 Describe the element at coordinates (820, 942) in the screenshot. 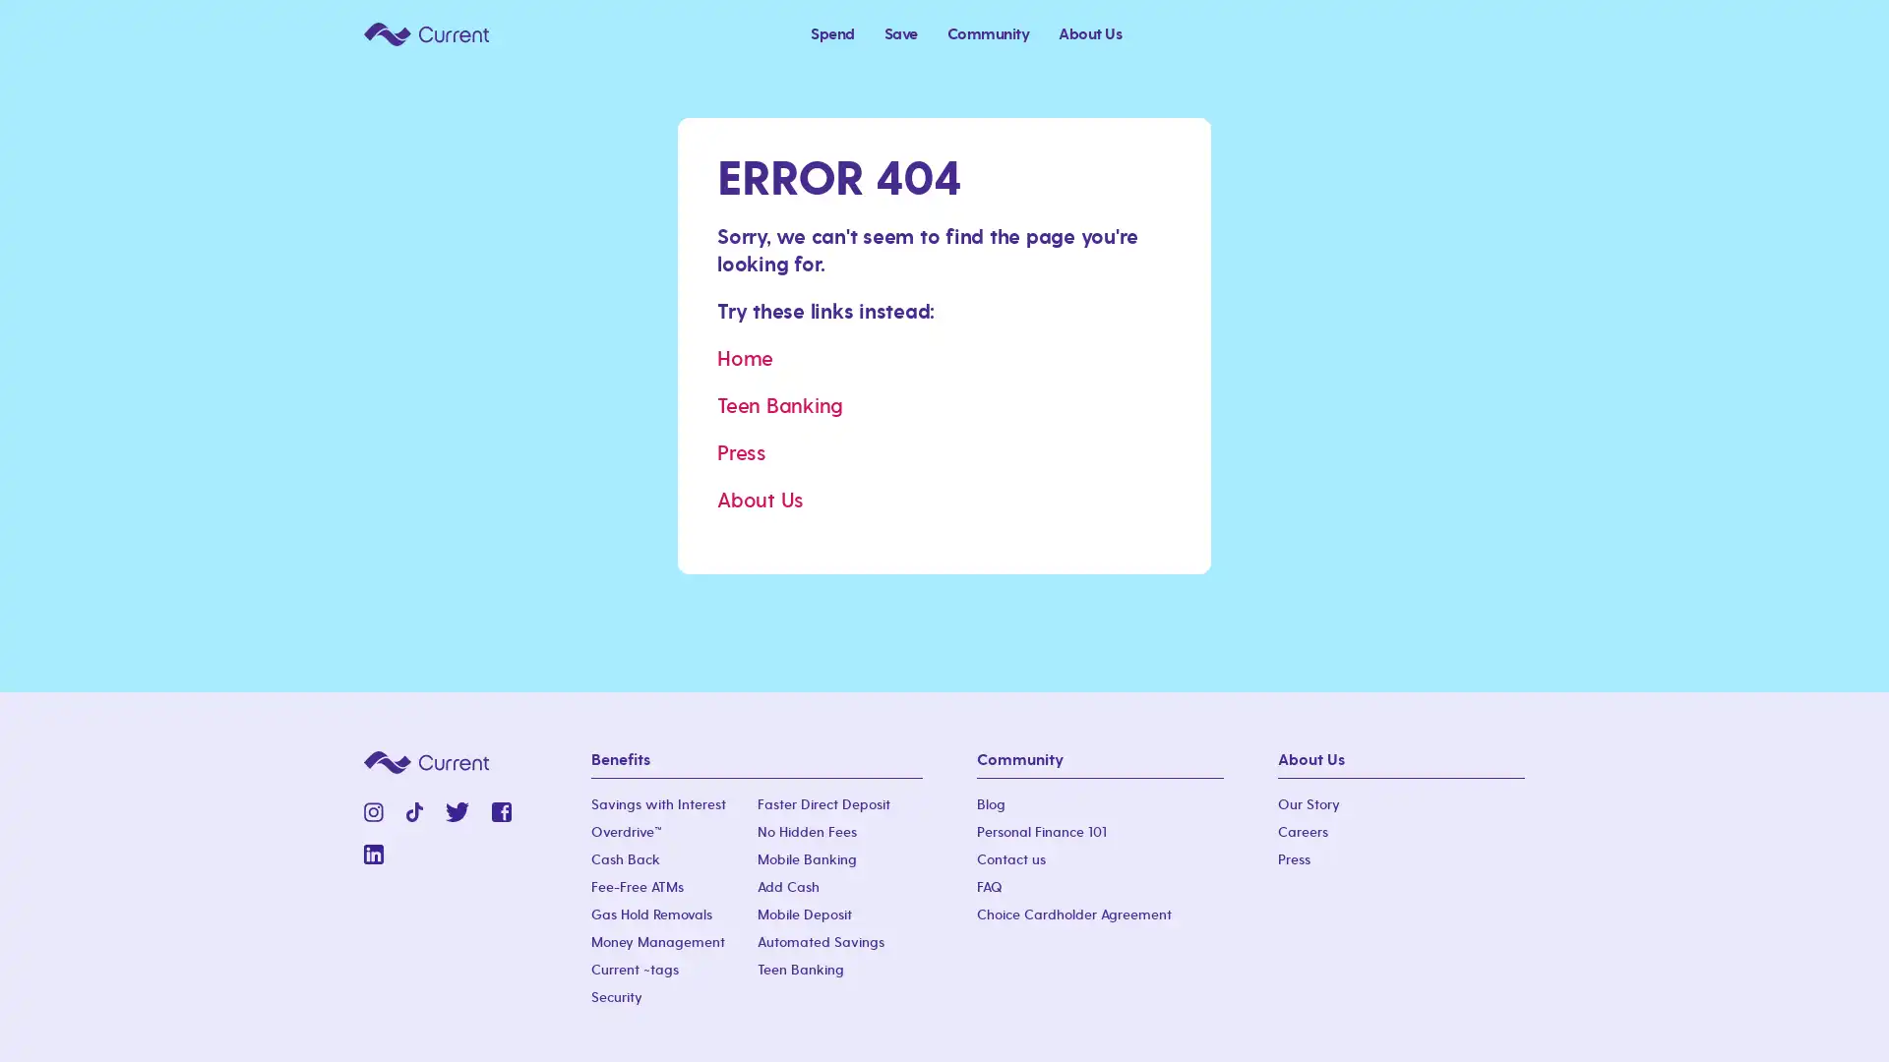

I see `Automated Savings` at that location.